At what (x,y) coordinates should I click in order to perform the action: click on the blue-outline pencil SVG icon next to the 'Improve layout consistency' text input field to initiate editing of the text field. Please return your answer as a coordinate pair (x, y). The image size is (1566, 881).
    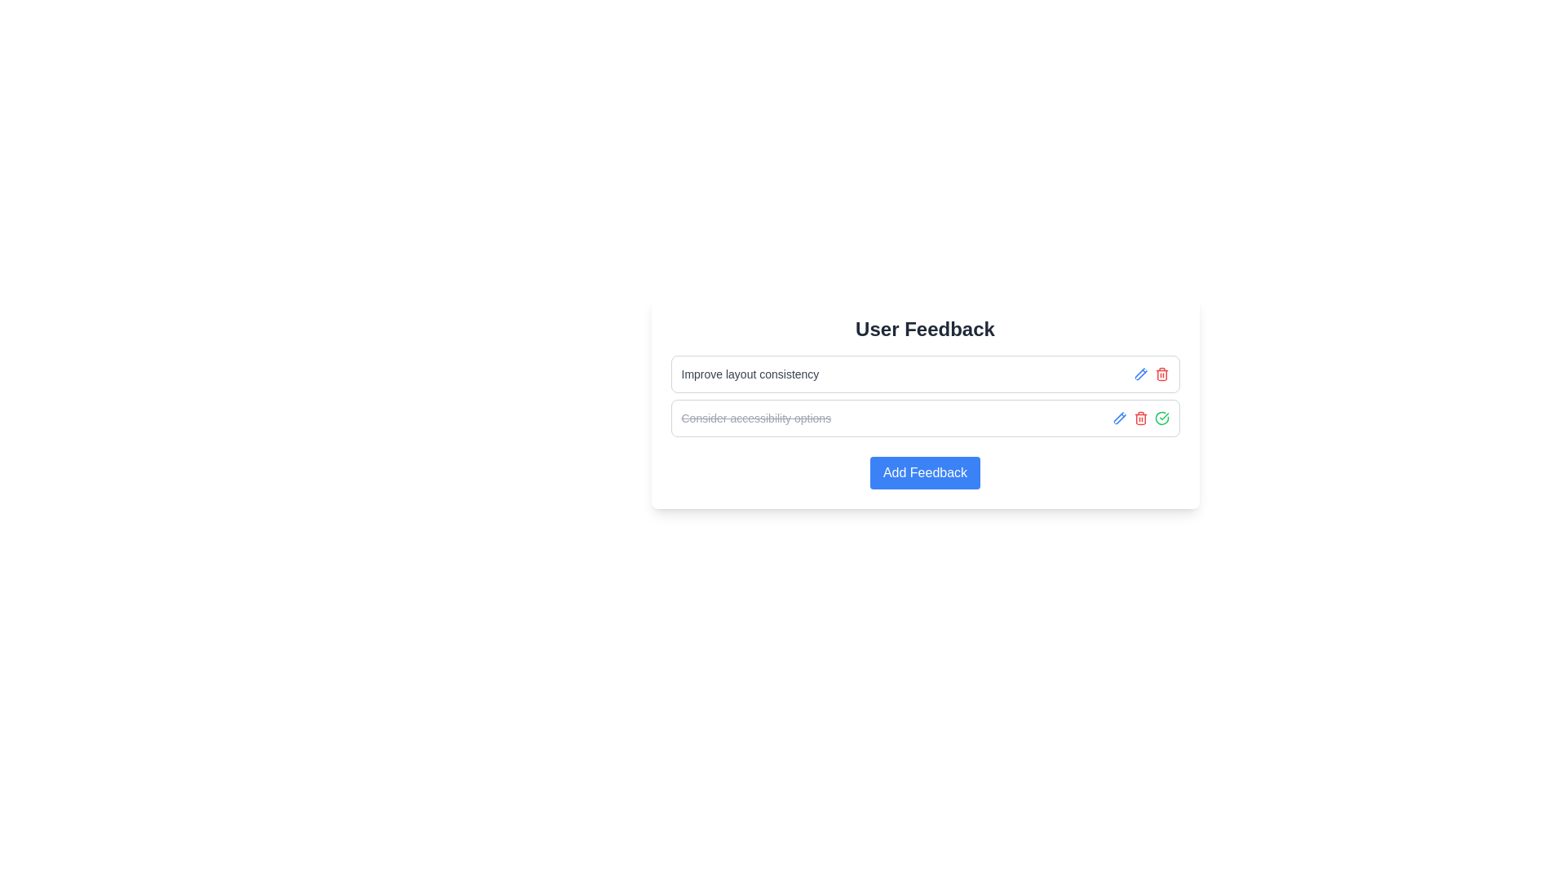
    Looking at the image, I should click on (1139, 374).